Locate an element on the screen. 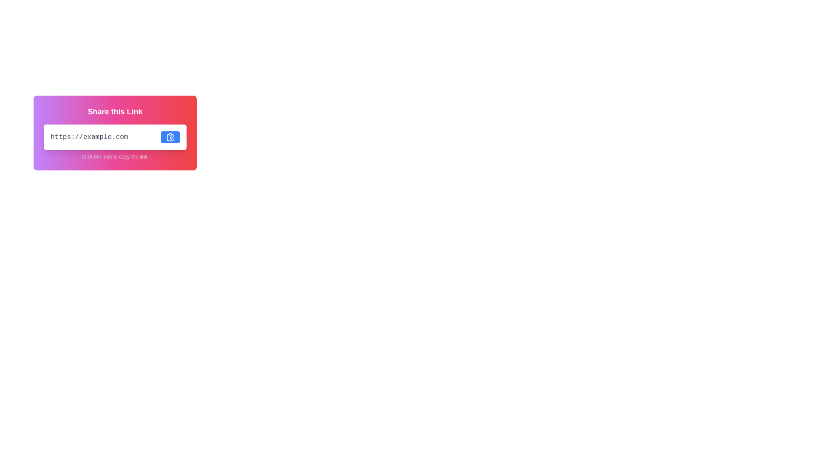  the copy button located to the right of the URL text field to copy the displayed URL to the clipboard is located at coordinates (170, 137).